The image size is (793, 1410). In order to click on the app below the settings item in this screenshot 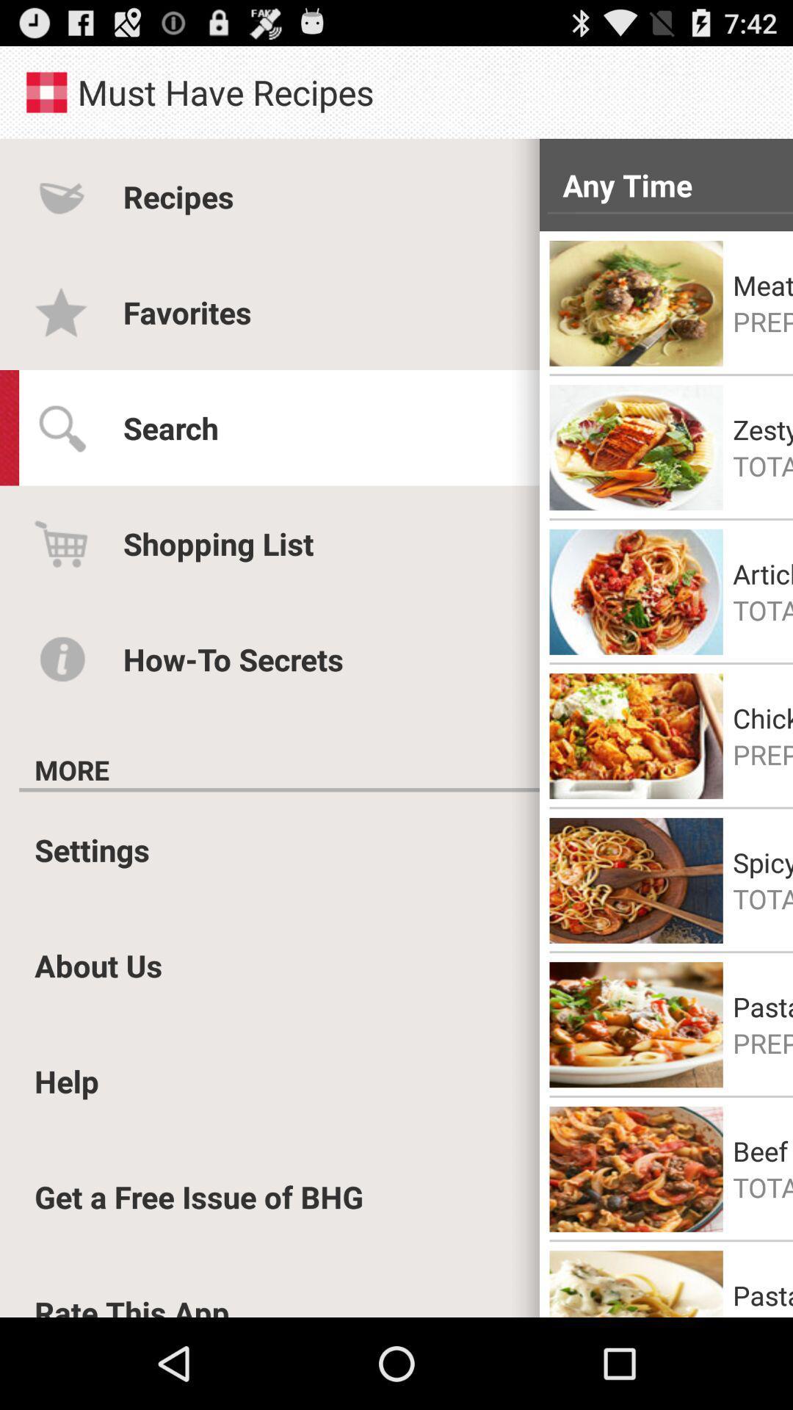, I will do `click(98, 965)`.